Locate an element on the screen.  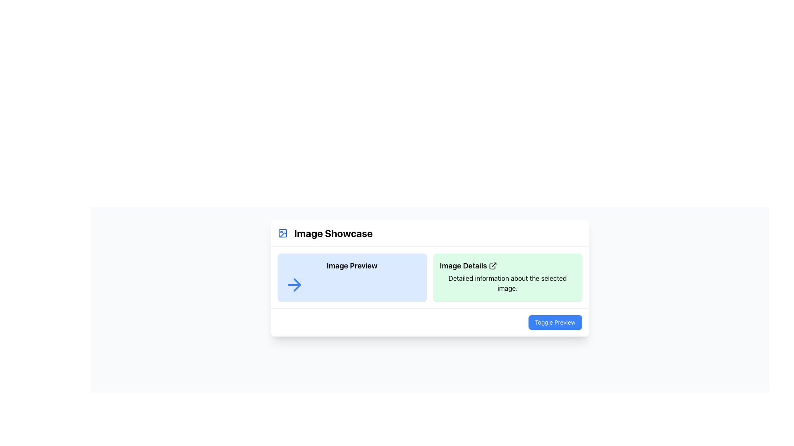
the visual design of the small blue icon resembling a thumbnail, which is located in the top left corner of the 'Image Showcase' section, adjacent to the title text 'Image Showcase' is located at coordinates (282, 233).